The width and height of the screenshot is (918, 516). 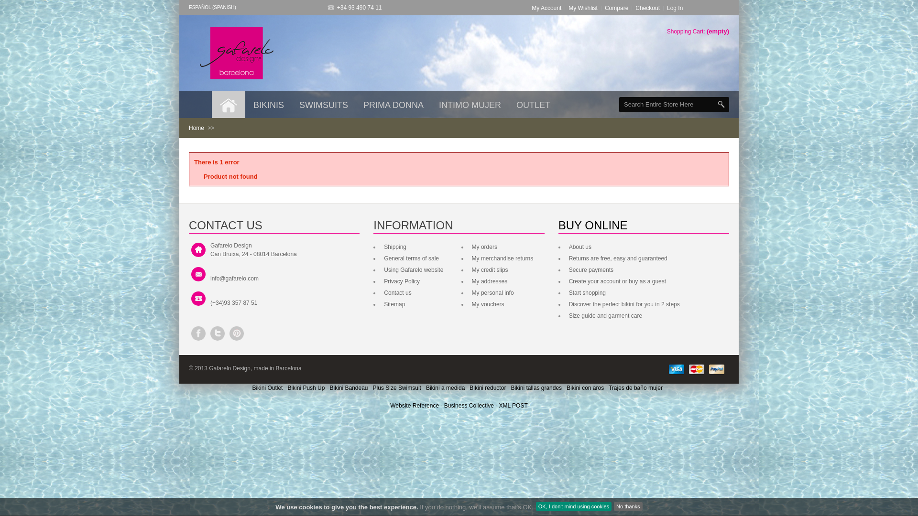 I want to click on 'Business Collective', so click(x=444, y=405).